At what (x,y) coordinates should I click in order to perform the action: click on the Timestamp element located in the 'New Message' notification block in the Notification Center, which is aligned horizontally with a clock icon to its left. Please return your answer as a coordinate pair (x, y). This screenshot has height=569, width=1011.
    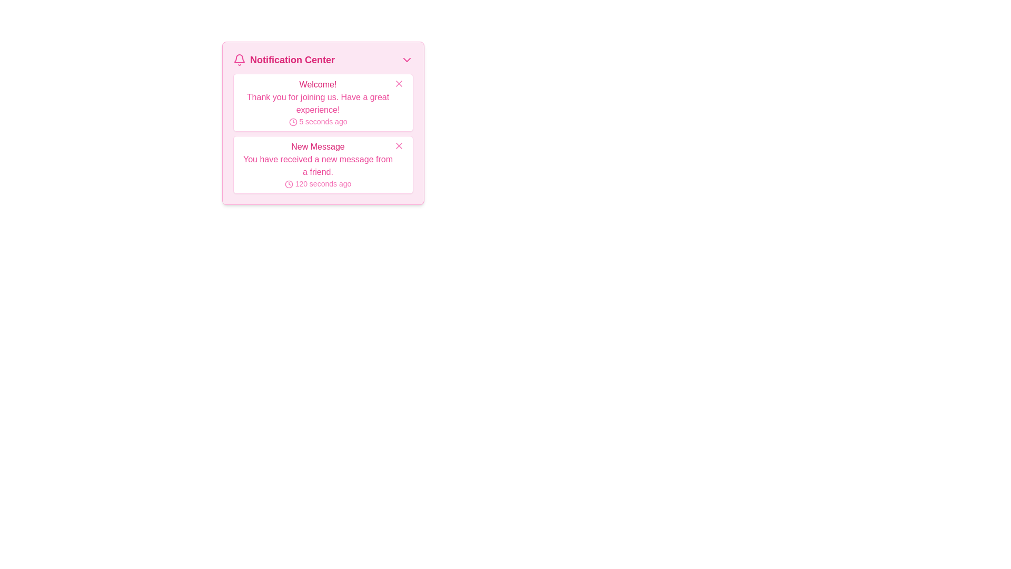
    Looking at the image, I should click on (318, 183).